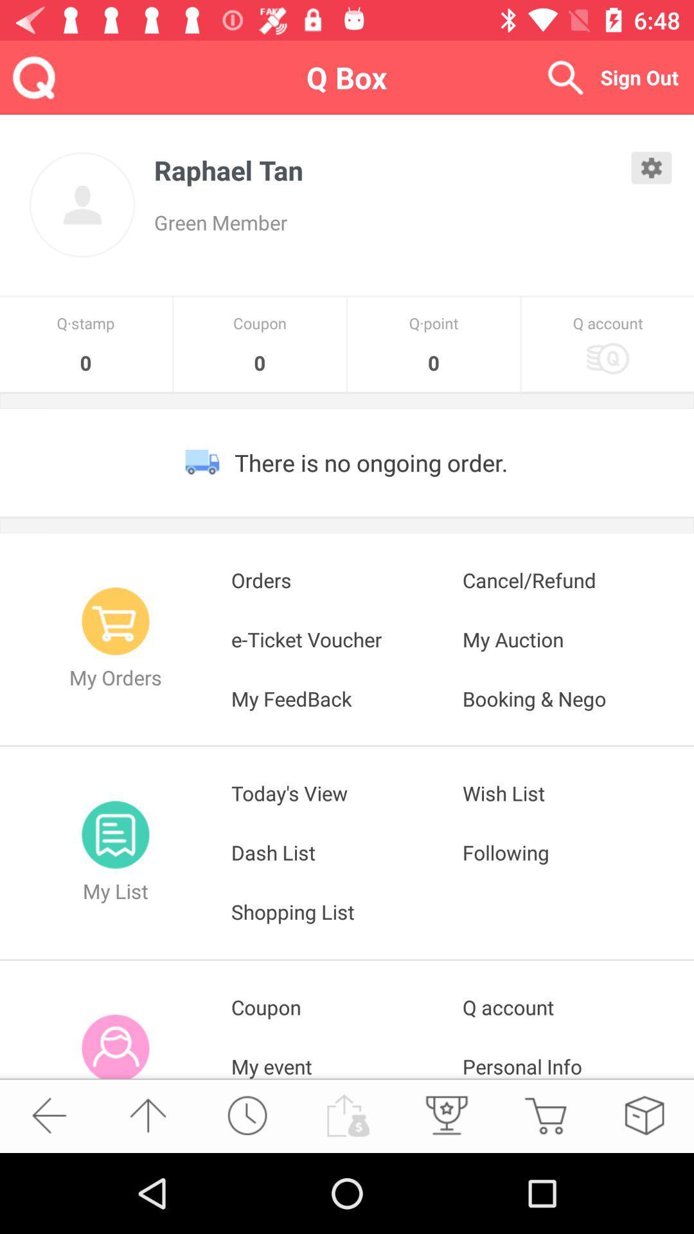  Describe the element at coordinates (82, 204) in the screenshot. I see `profile picture` at that location.